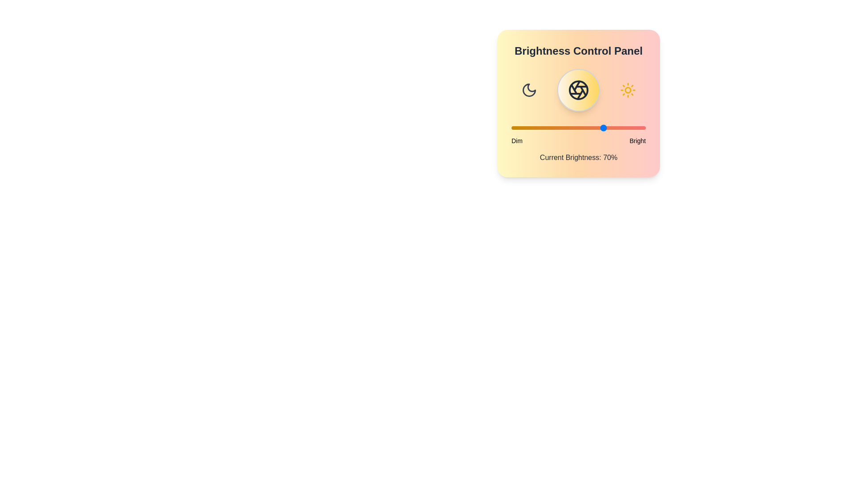 The image size is (854, 480). Describe the element at coordinates (612, 128) in the screenshot. I see `the brightness slider to 75%` at that location.